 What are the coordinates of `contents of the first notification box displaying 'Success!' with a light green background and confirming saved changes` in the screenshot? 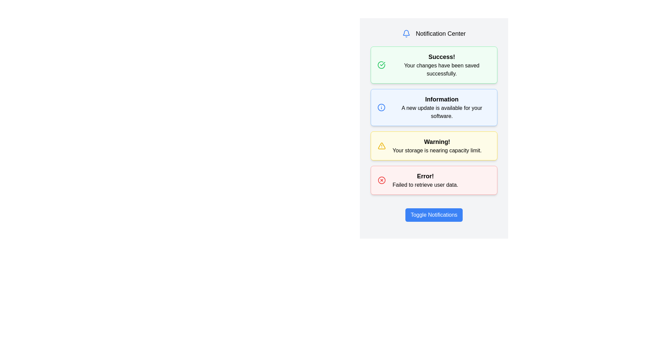 It's located at (441, 65).